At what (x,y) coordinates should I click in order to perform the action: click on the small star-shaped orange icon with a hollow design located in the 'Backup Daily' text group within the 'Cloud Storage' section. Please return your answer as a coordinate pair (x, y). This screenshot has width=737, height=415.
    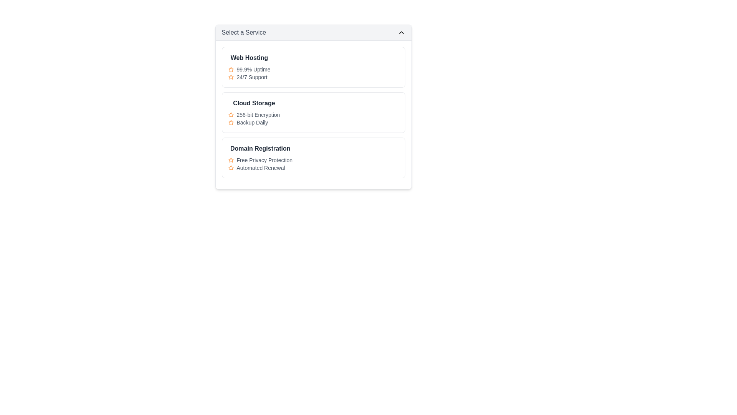
    Looking at the image, I should click on (230, 122).